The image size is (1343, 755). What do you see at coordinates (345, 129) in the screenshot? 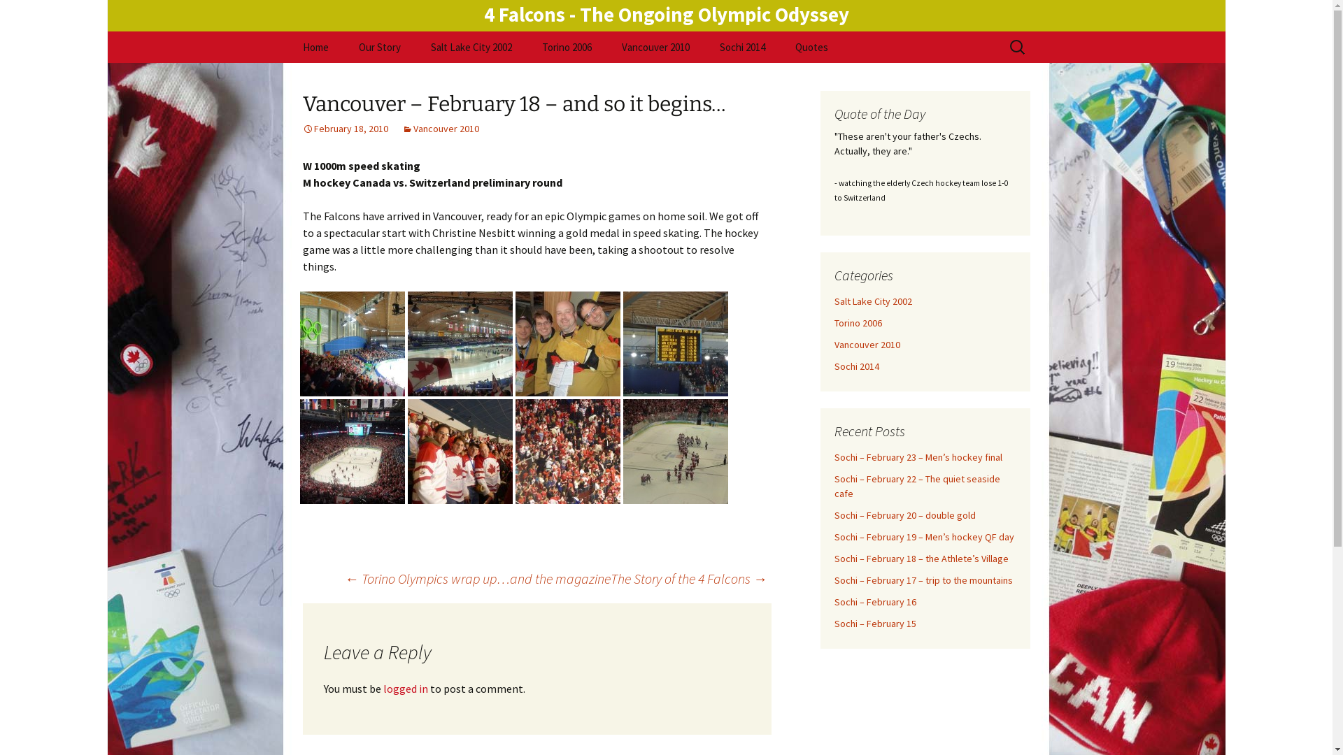
I see `'February 18, 2010'` at bounding box center [345, 129].